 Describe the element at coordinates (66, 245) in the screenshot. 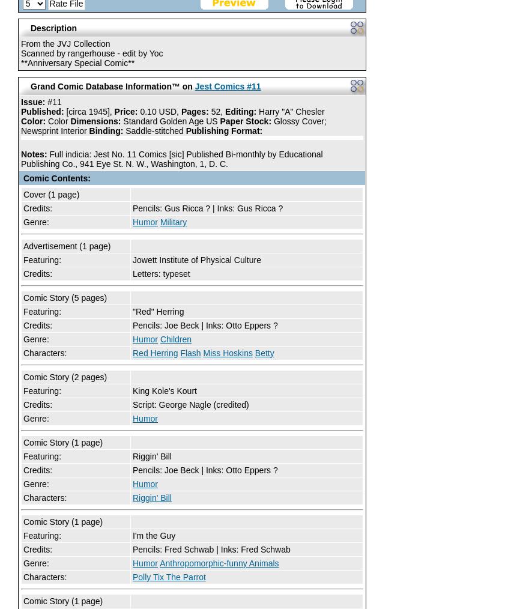

I see `'Advertisement (1 page)'` at that location.